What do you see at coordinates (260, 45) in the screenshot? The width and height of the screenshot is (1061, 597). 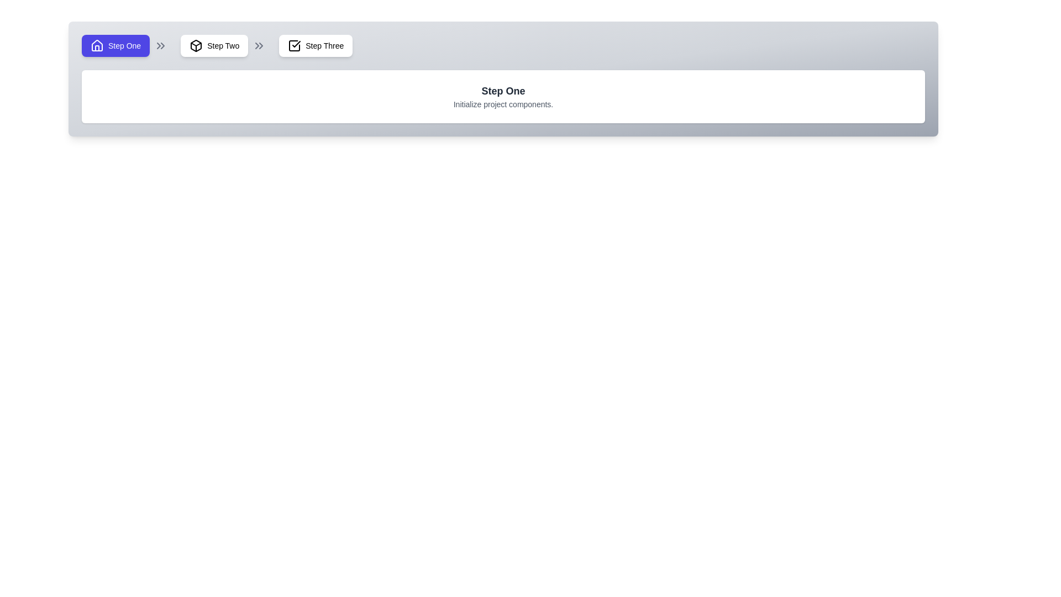 I see `the second chevron icon pointing right located between the 'Step Two' and 'Step Three' navigation buttons if it is interactive` at bounding box center [260, 45].